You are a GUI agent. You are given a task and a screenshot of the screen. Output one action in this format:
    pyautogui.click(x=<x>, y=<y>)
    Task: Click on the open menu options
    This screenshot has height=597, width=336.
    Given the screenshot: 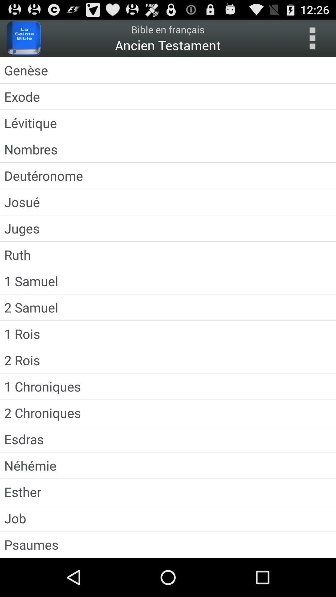 What is the action you would take?
    pyautogui.click(x=312, y=38)
    